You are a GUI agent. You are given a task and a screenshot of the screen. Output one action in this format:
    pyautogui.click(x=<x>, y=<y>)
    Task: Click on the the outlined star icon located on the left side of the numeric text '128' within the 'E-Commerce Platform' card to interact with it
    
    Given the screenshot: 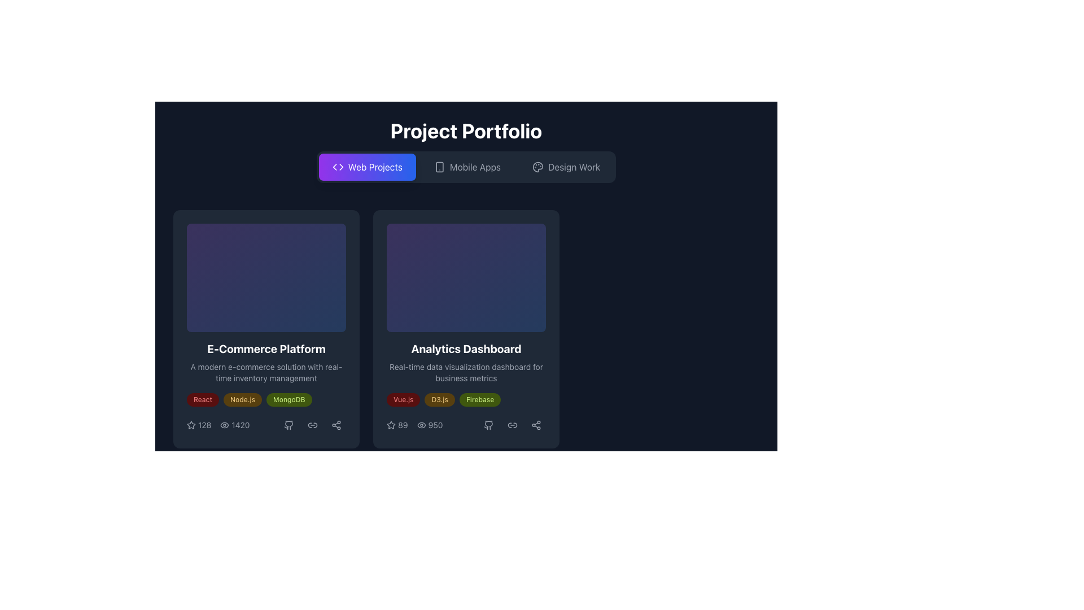 What is the action you would take?
    pyautogui.click(x=191, y=425)
    